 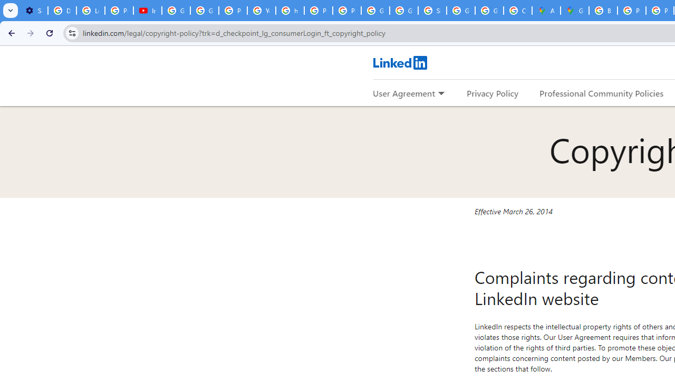 I want to click on 'Google Account Help', so click(x=176, y=11).